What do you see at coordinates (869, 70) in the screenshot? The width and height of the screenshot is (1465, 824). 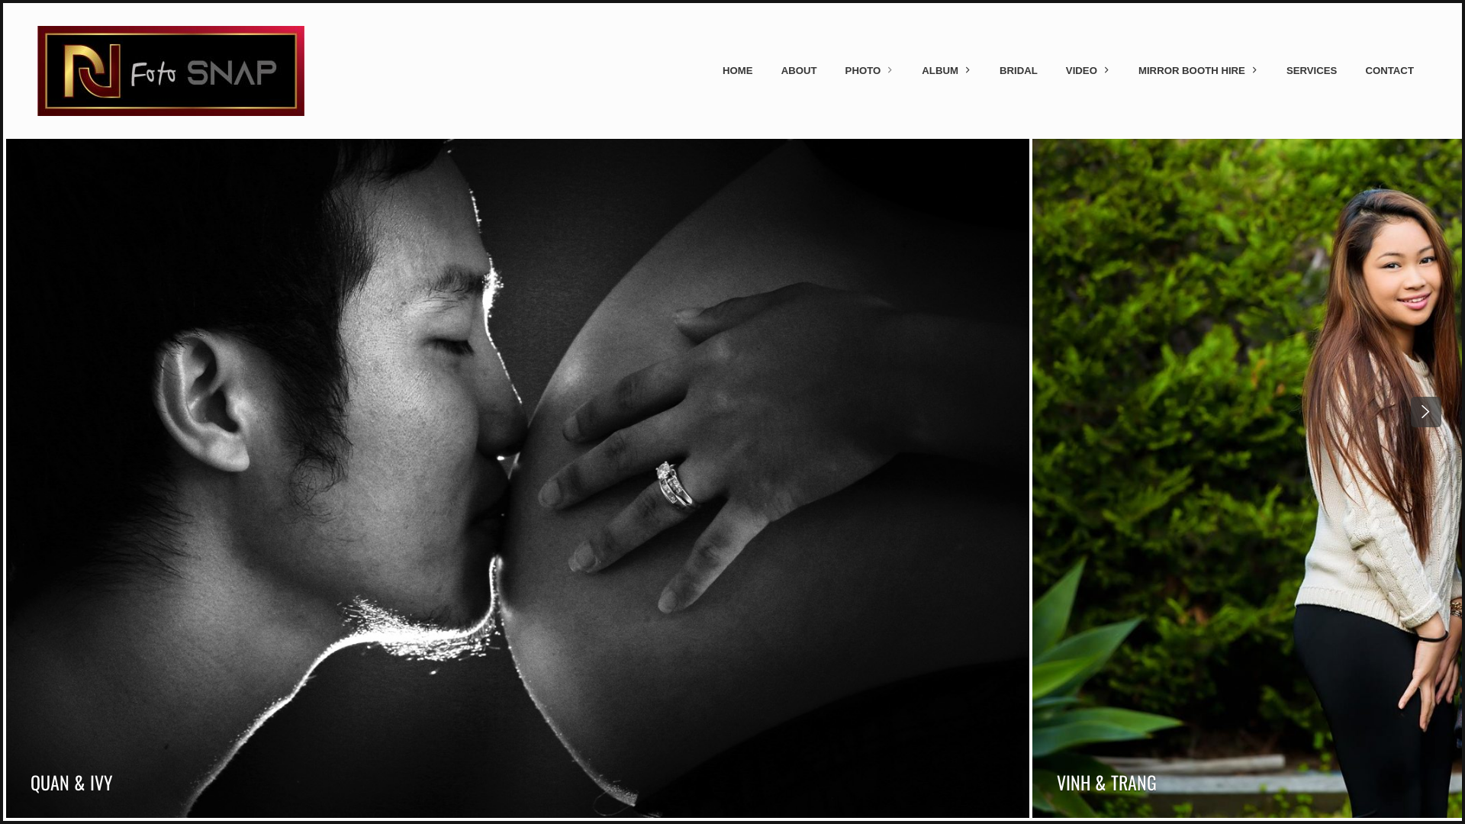 I see `'PHOTO'` at bounding box center [869, 70].